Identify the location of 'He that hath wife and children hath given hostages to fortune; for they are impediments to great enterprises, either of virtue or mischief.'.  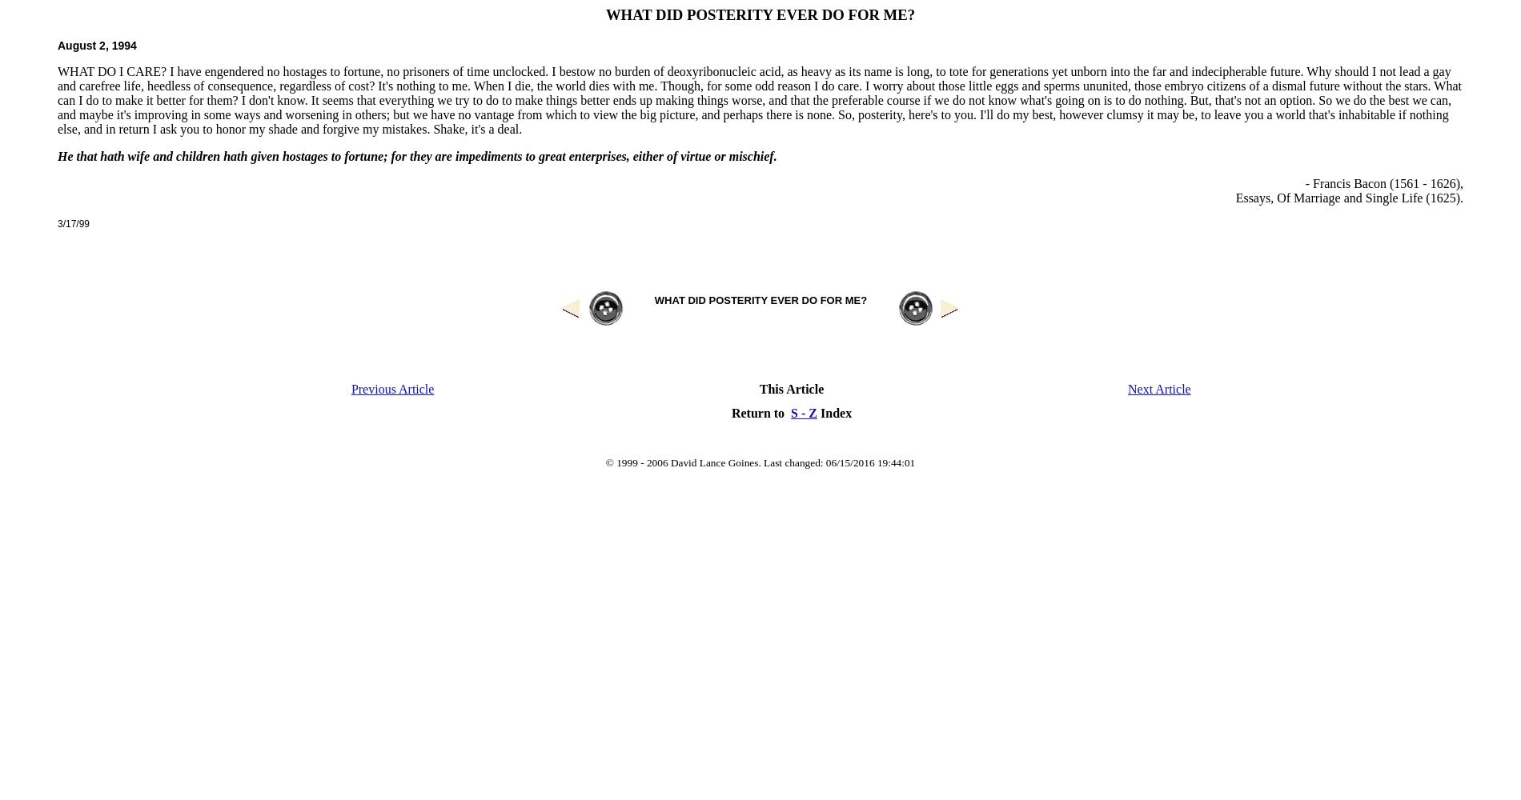
(416, 154).